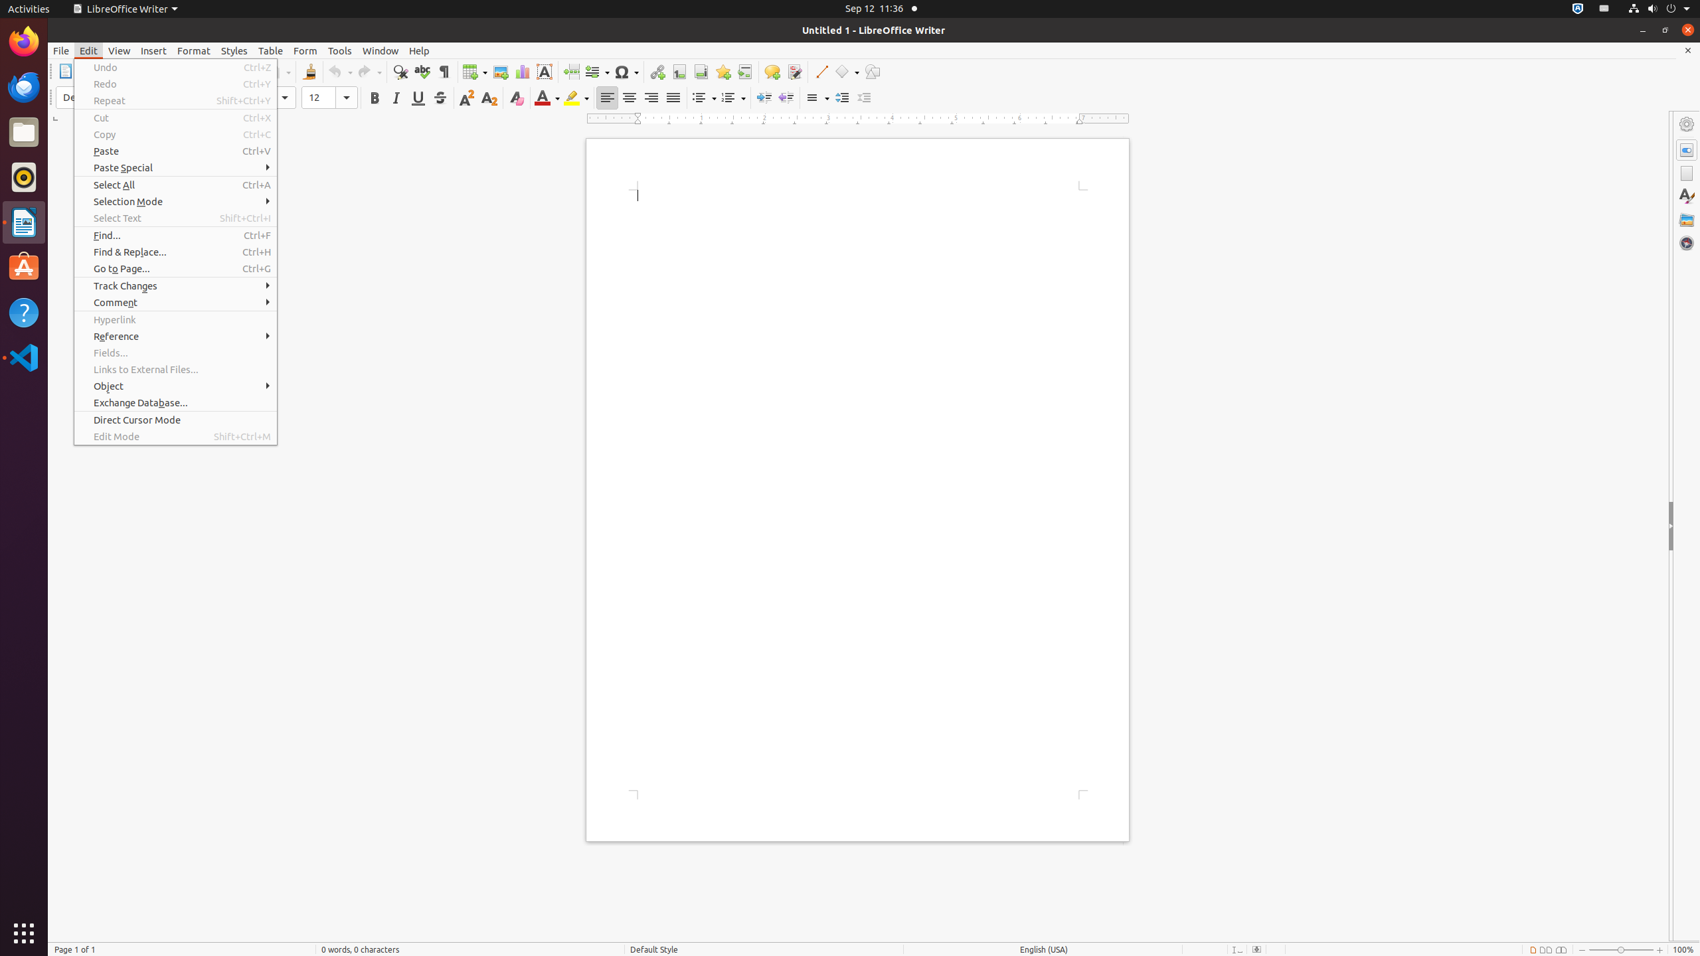  Describe the element at coordinates (175, 285) in the screenshot. I see `'Track Changes'` at that location.